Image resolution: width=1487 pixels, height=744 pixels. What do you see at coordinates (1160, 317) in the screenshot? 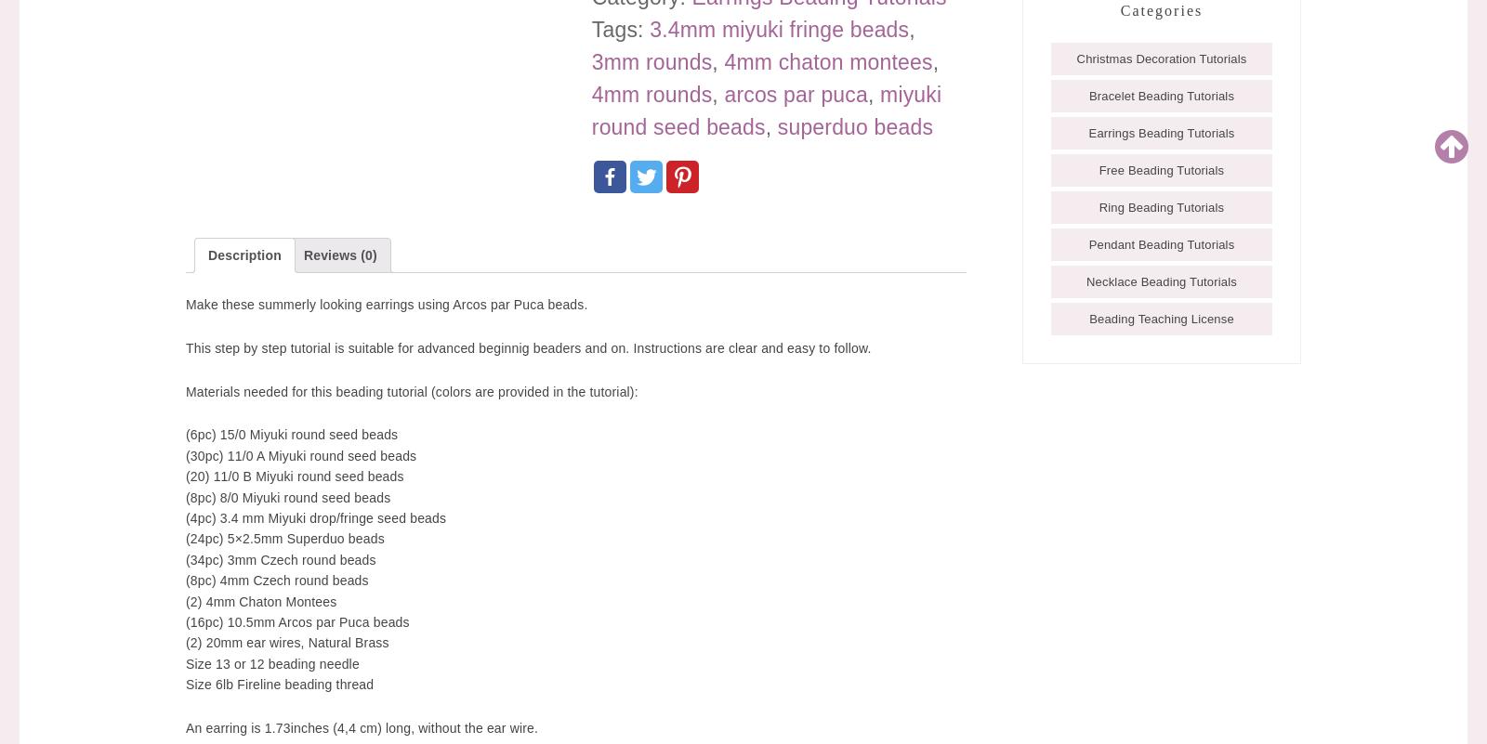
I see `'Beading Teaching License'` at bounding box center [1160, 317].